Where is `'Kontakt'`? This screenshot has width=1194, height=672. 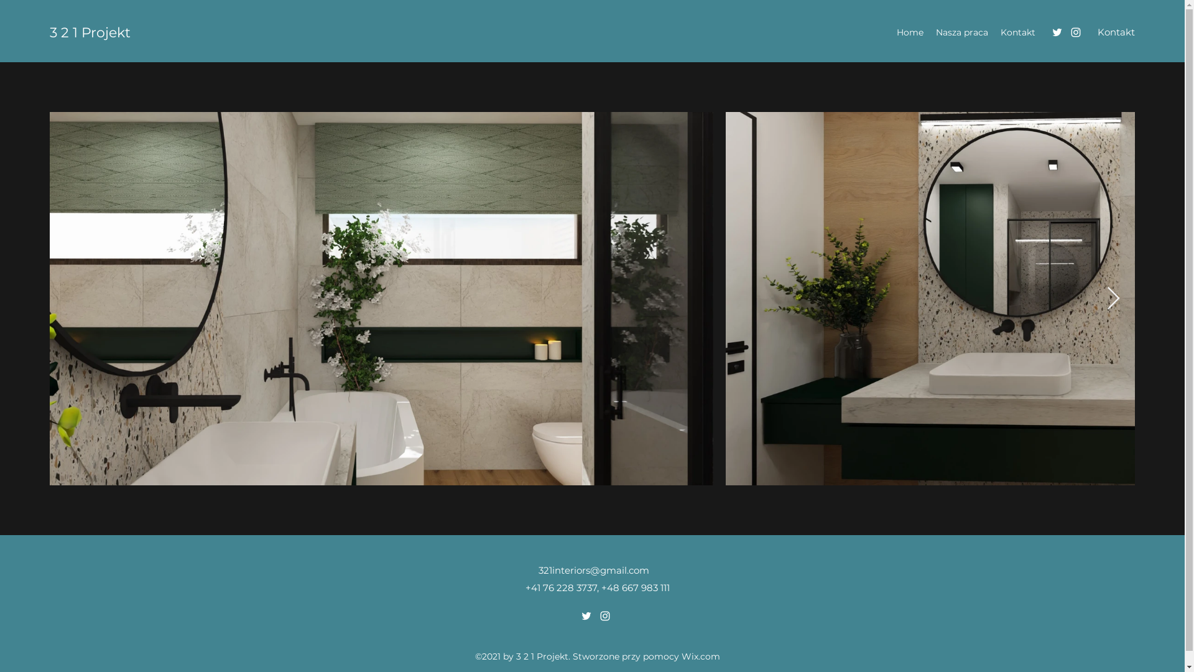 'Kontakt' is located at coordinates (1116, 32).